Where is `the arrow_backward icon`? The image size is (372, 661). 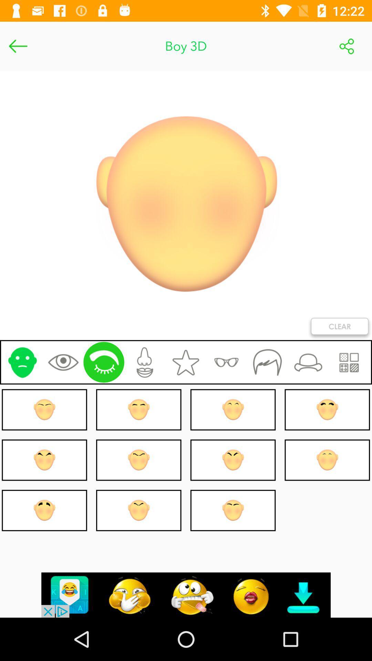 the arrow_backward icon is located at coordinates (18, 46).